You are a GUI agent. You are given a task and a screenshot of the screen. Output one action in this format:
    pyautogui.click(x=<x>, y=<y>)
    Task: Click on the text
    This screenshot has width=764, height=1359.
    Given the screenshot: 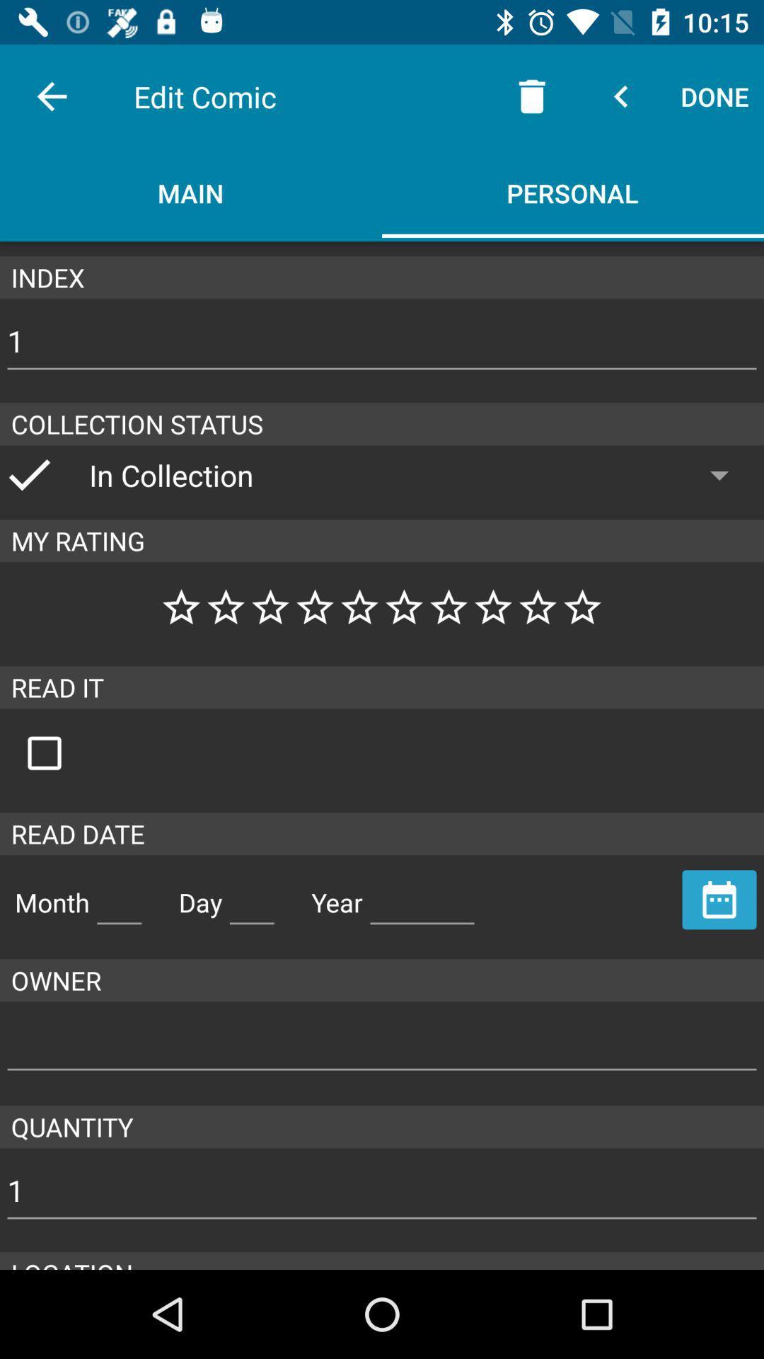 What is the action you would take?
    pyautogui.click(x=251, y=896)
    